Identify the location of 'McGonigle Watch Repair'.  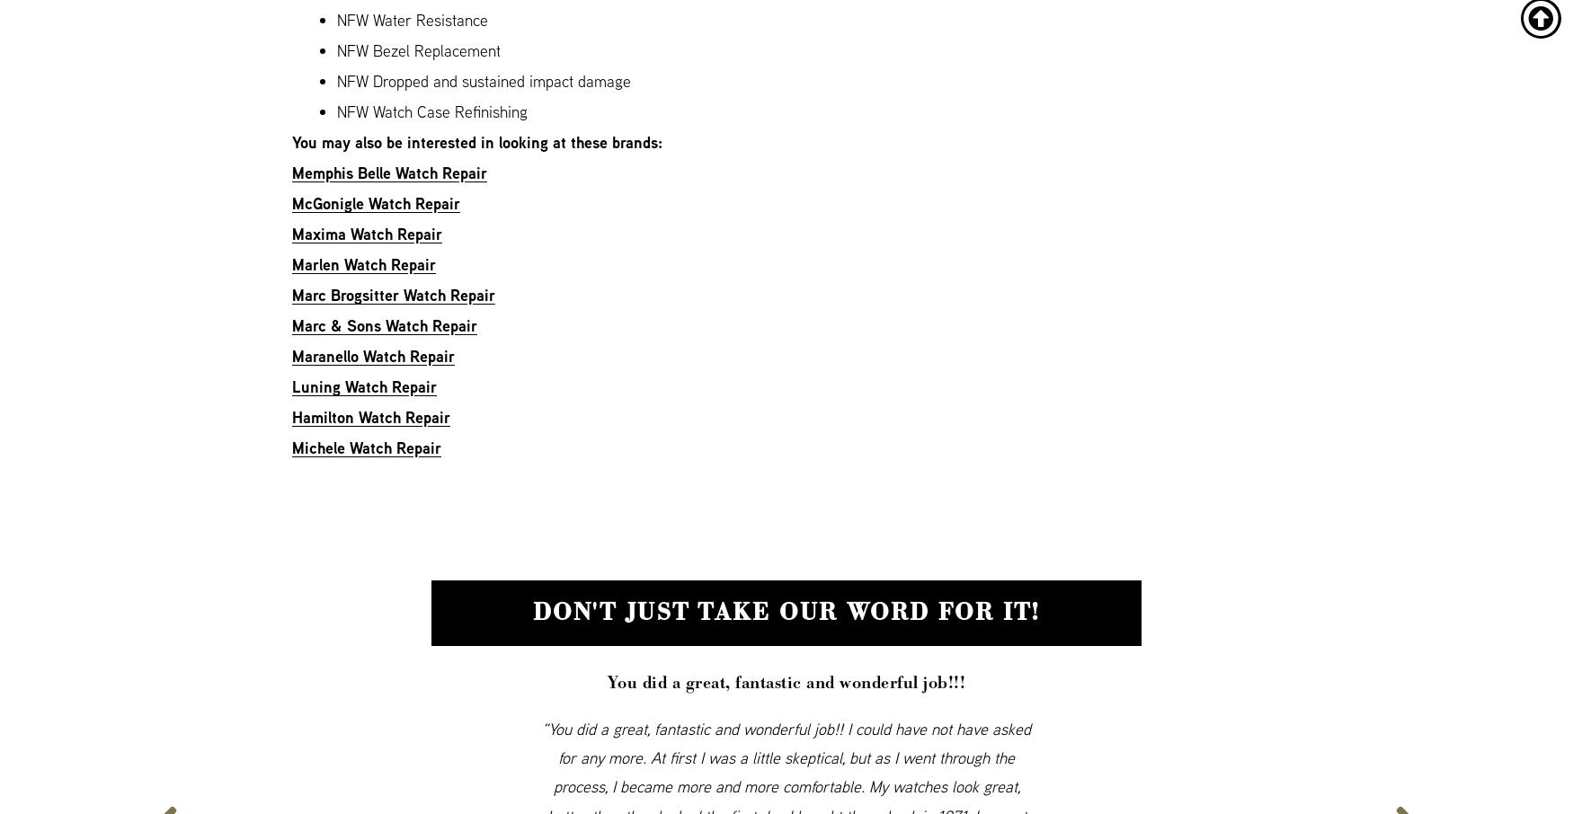
(375, 202).